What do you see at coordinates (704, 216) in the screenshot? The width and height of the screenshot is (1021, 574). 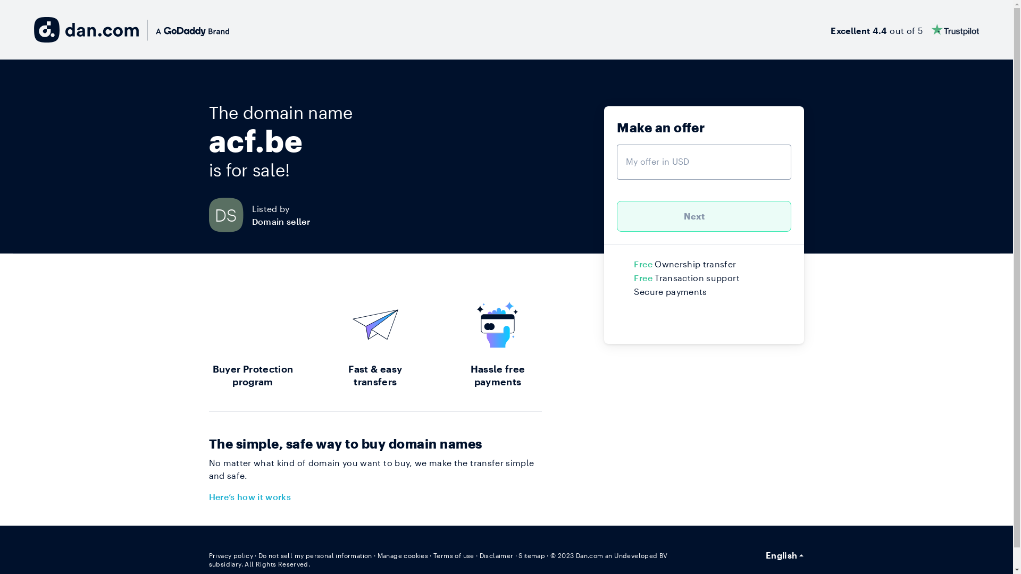 I see `'Next` at bounding box center [704, 216].